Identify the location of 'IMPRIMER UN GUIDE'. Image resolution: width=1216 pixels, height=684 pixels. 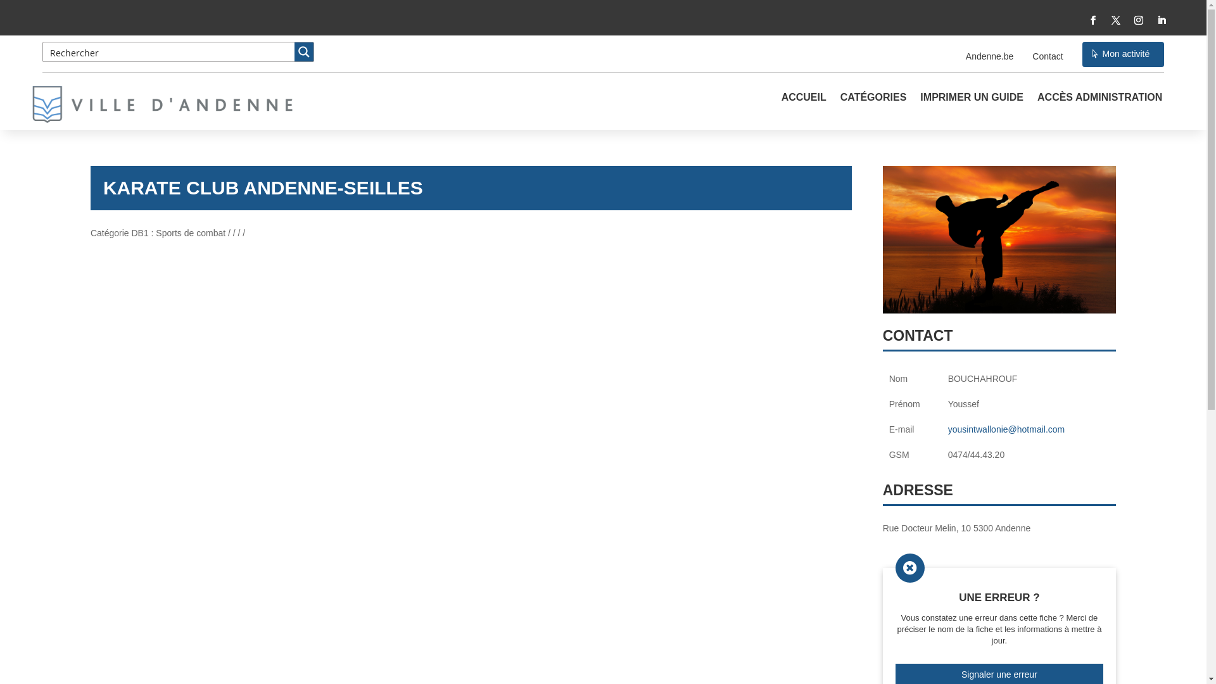
(971, 106).